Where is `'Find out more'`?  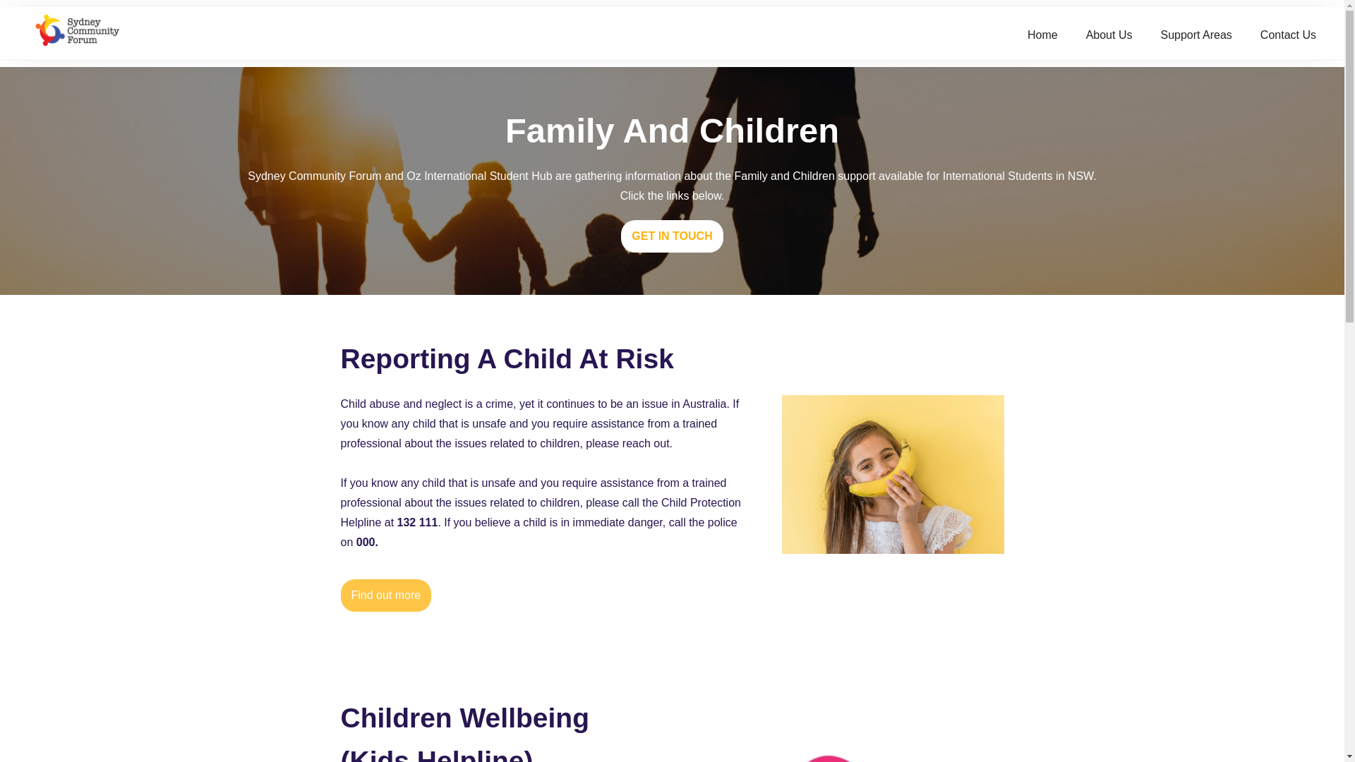
'Find out more' is located at coordinates (385, 595).